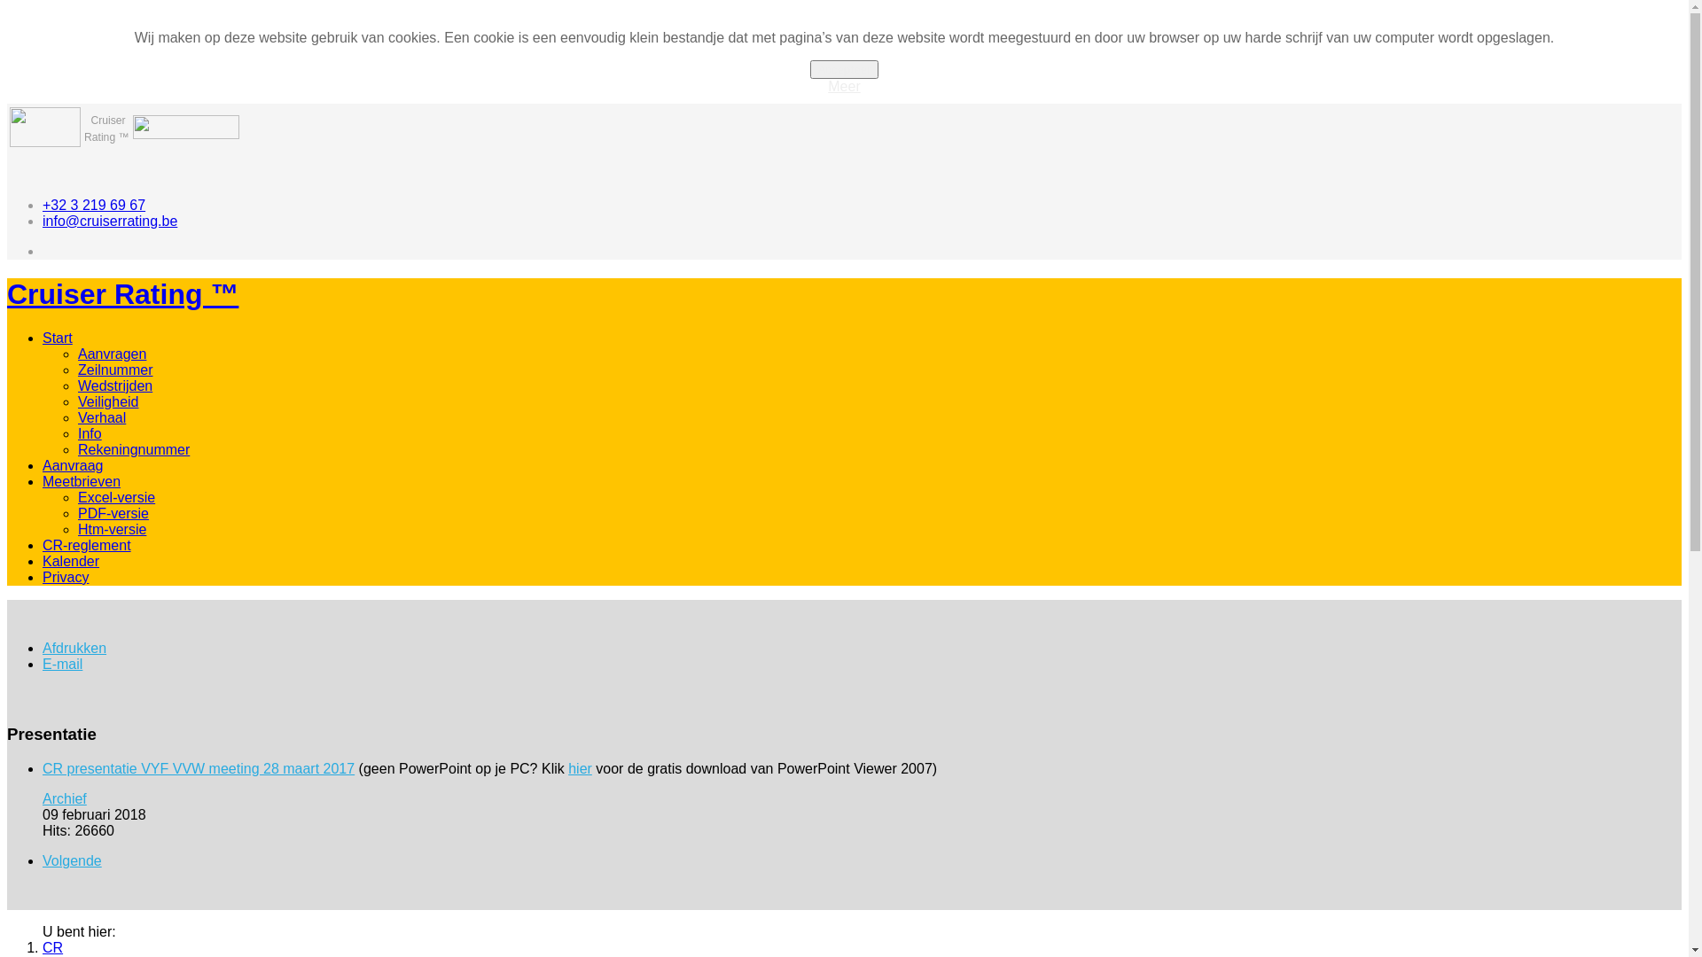 This screenshot has height=957, width=1702. What do you see at coordinates (80, 481) in the screenshot?
I see `'Meetbrieven'` at bounding box center [80, 481].